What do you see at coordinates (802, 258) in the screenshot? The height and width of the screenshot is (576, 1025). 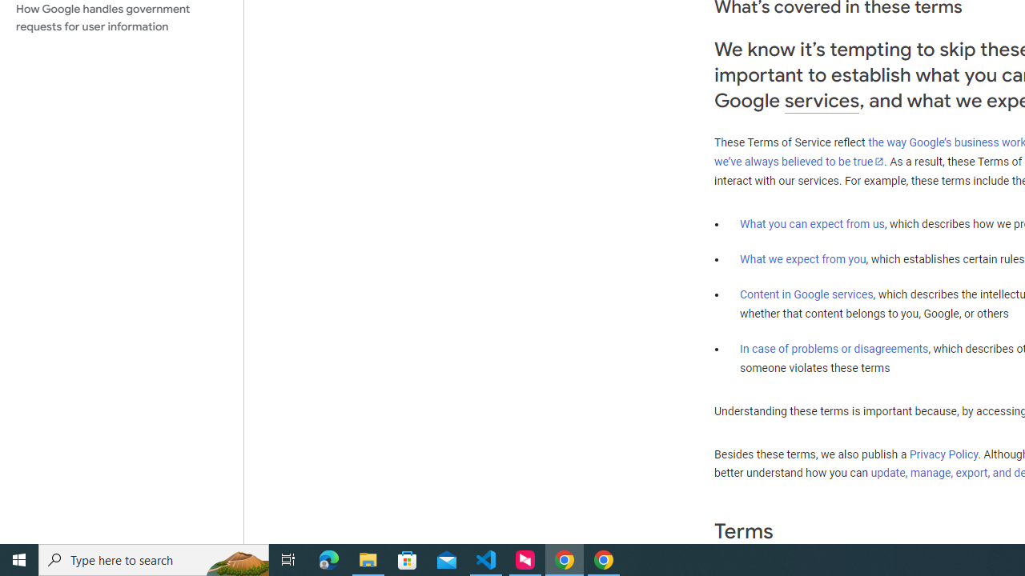 I see `'What we expect from you'` at bounding box center [802, 258].